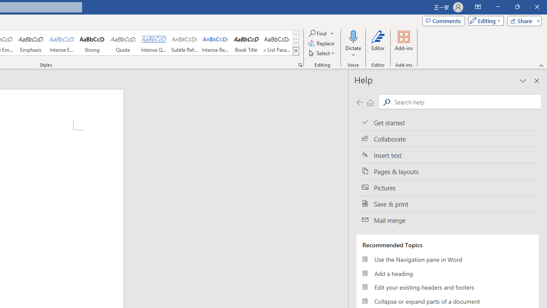 This screenshot has width=547, height=308. I want to click on 'Task Pane Options', so click(523, 81).